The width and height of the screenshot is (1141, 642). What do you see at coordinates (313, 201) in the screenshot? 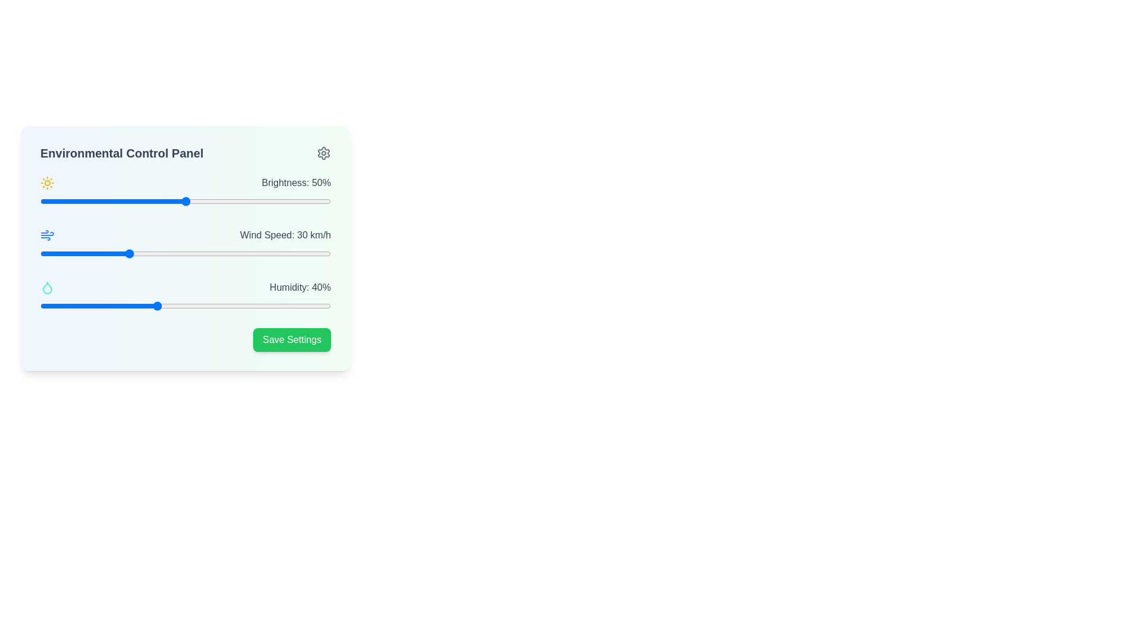
I see `brightness` at bounding box center [313, 201].